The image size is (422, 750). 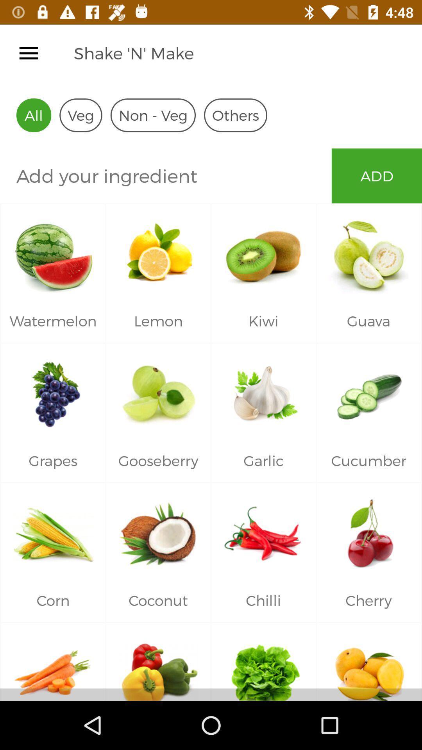 I want to click on menu, so click(x=28, y=53).